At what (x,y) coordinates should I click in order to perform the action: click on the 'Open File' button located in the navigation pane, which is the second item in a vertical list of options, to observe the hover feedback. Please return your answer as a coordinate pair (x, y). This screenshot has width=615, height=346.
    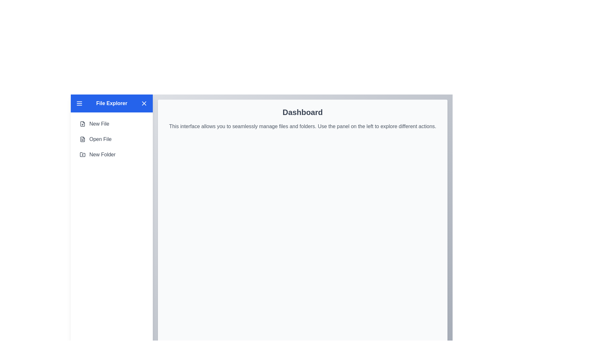
    Looking at the image, I should click on (95, 139).